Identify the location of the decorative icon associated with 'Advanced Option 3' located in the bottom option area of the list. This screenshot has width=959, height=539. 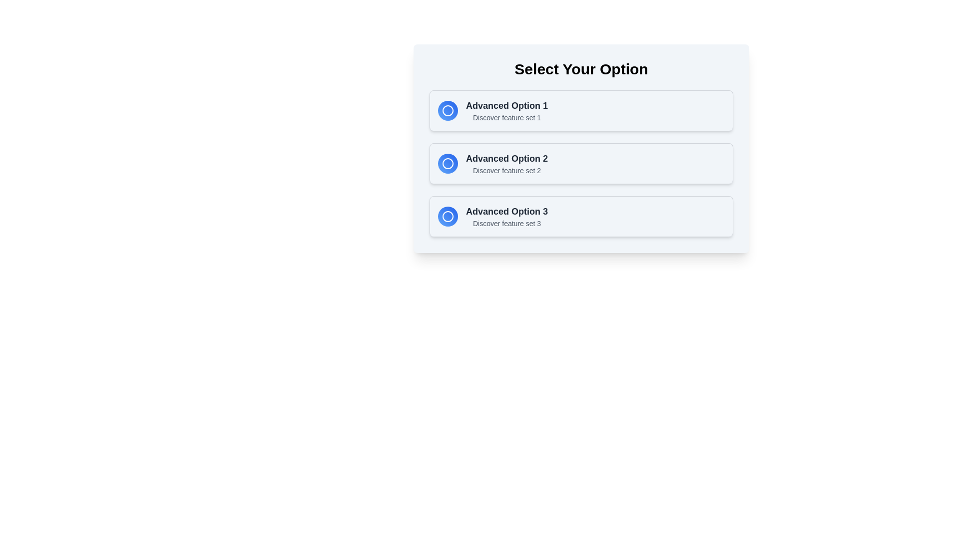
(448, 216).